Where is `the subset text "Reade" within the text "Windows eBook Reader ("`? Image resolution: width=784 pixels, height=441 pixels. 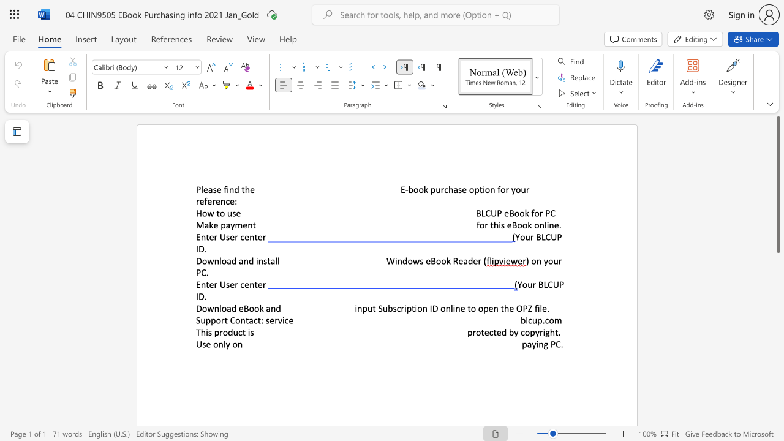 the subset text "Reade" within the text "Windows eBook Reader (" is located at coordinates (452, 260).